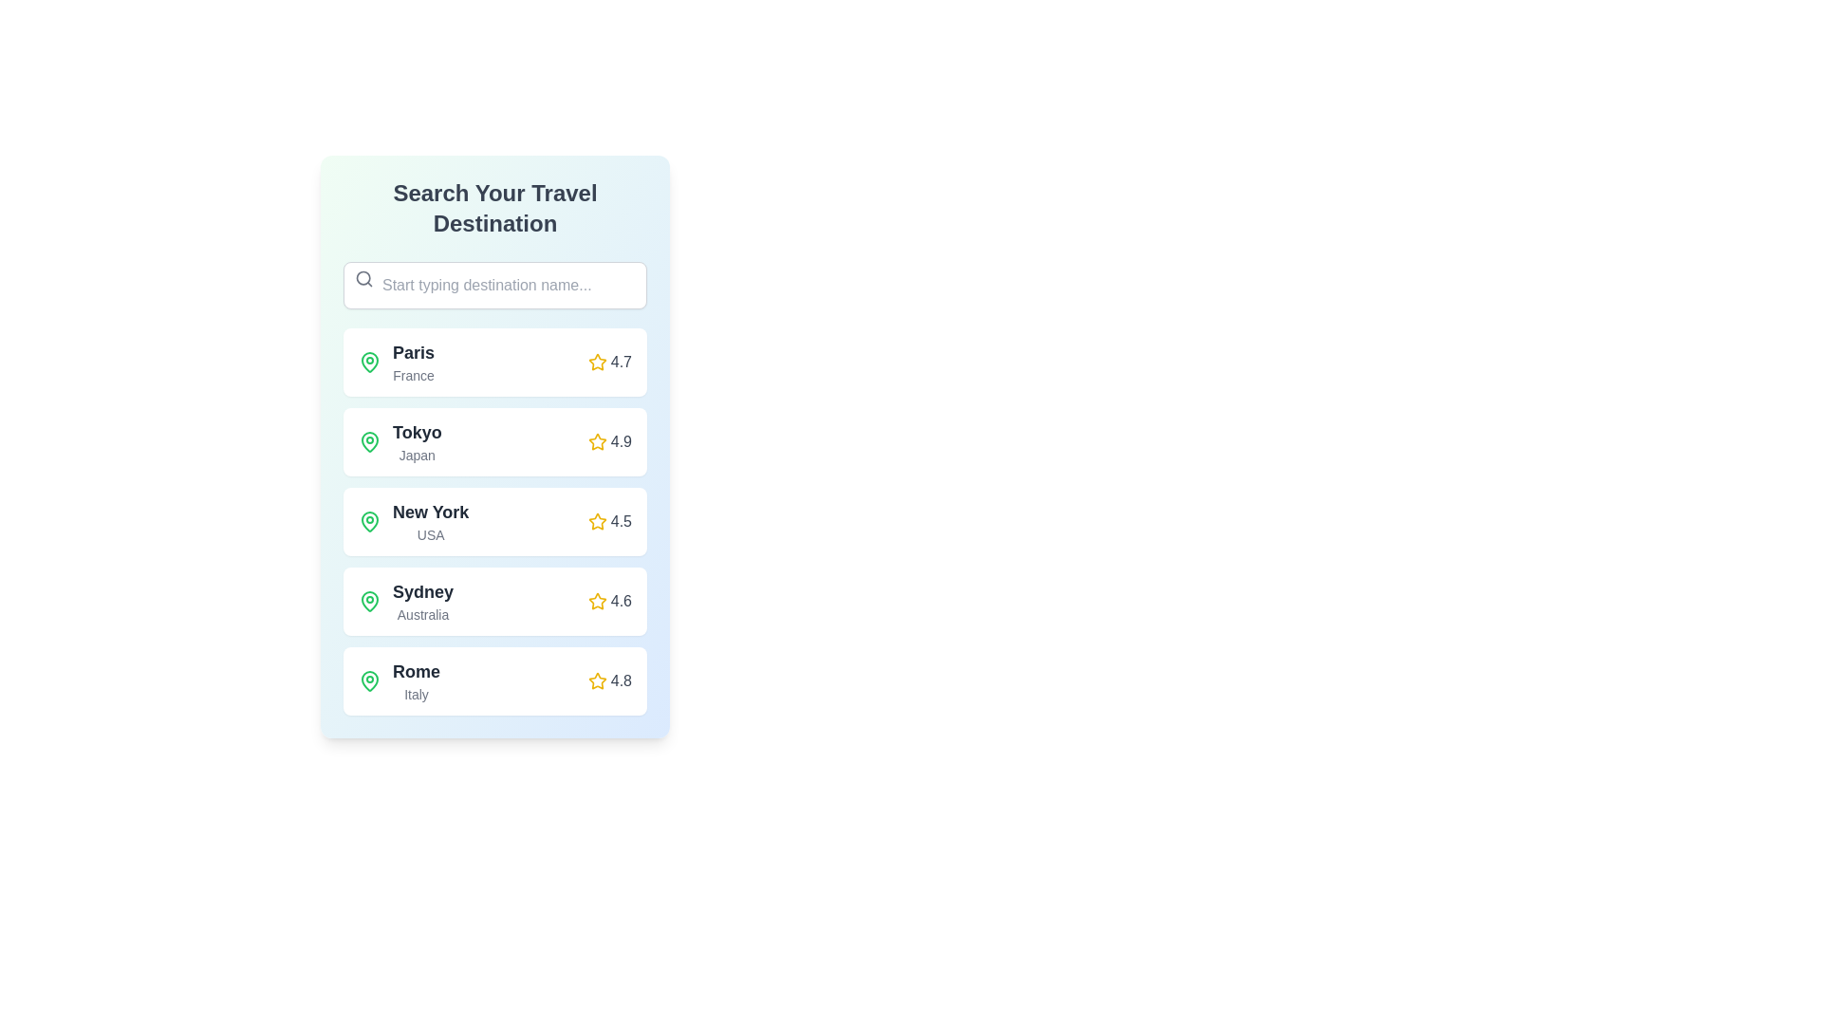 The image size is (1822, 1025). What do you see at coordinates (369, 522) in the screenshot?
I see `the location marker icon representing 'New York' in the list of travel destinations, which is the third item under 'Search Your Travel Destination'` at bounding box center [369, 522].